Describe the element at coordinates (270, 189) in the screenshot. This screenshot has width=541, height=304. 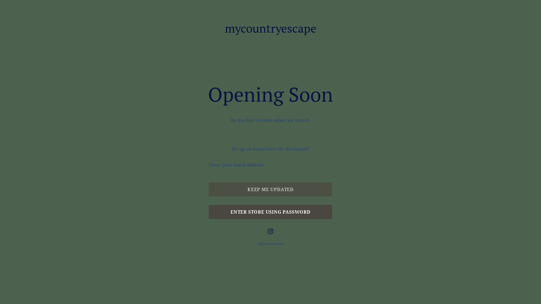
I see `'KEEP ME UPDATED'` at that location.